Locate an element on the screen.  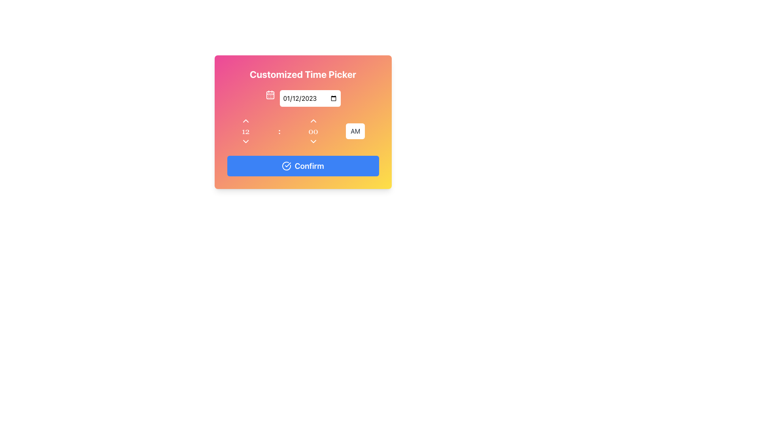
the 'Customized Time Picker' text component, which is displayed in bold and centered at the top of the card layout with a gradient background from pink to yellow is located at coordinates (302, 74).